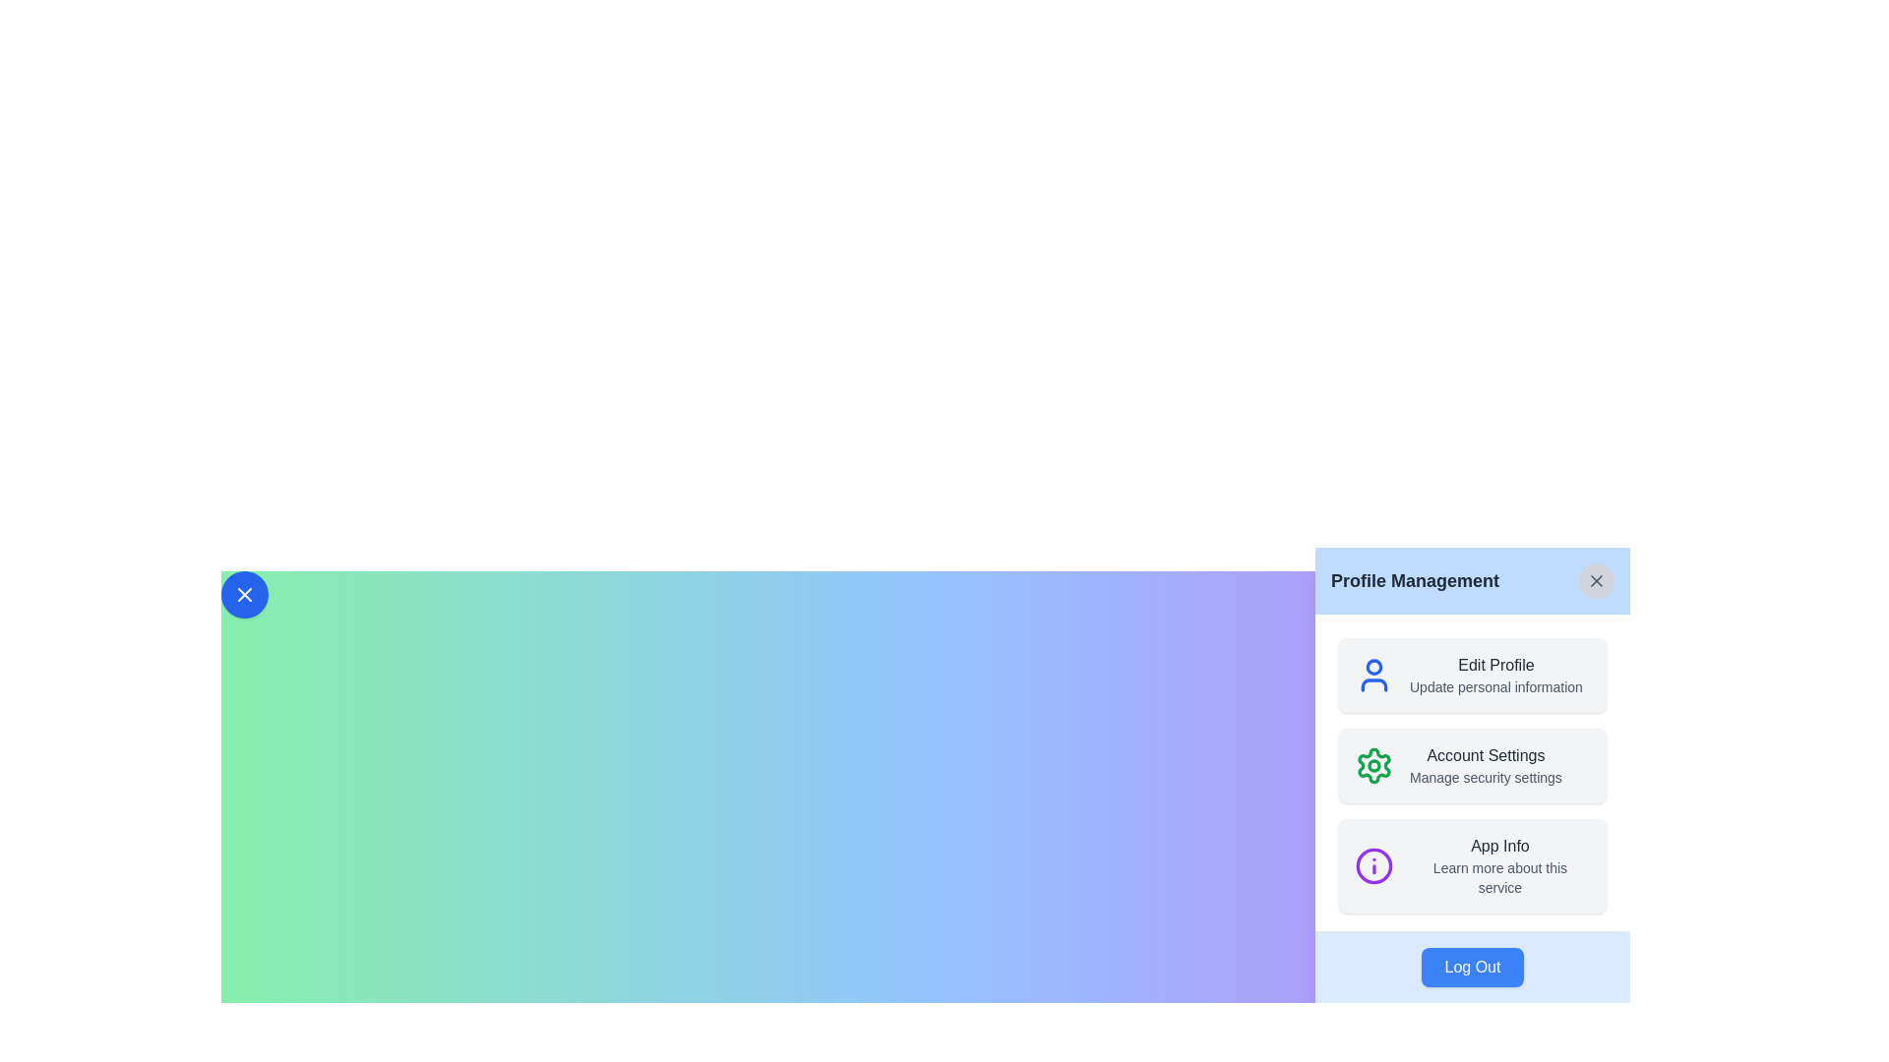 This screenshot has width=1889, height=1062. I want to click on the logout button located at the bottom of the 'Profile Management' panel to initiate the logout process, so click(1473, 966).